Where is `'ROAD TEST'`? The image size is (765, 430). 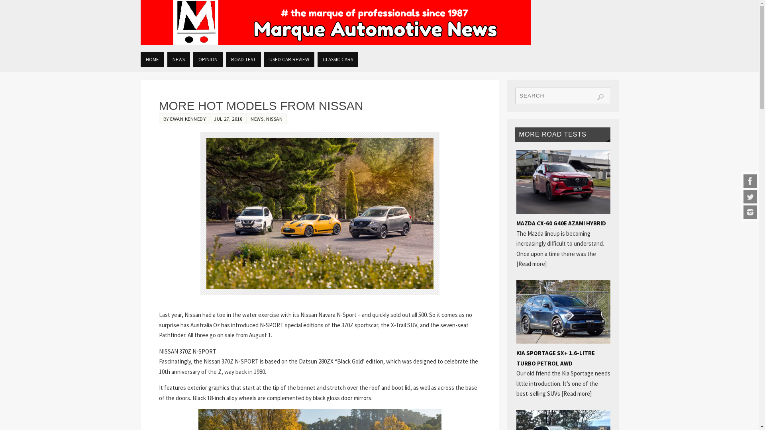 'ROAD TEST' is located at coordinates (242, 59).